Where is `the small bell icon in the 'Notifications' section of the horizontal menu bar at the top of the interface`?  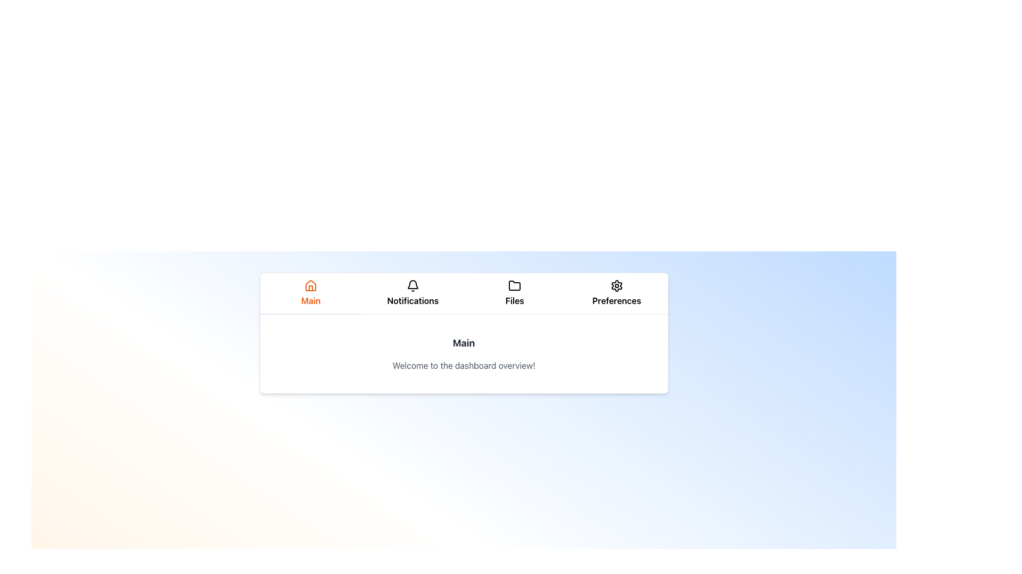
the small bell icon in the 'Notifications' section of the horizontal menu bar at the top of the interface is located at coordinates (412, 285).